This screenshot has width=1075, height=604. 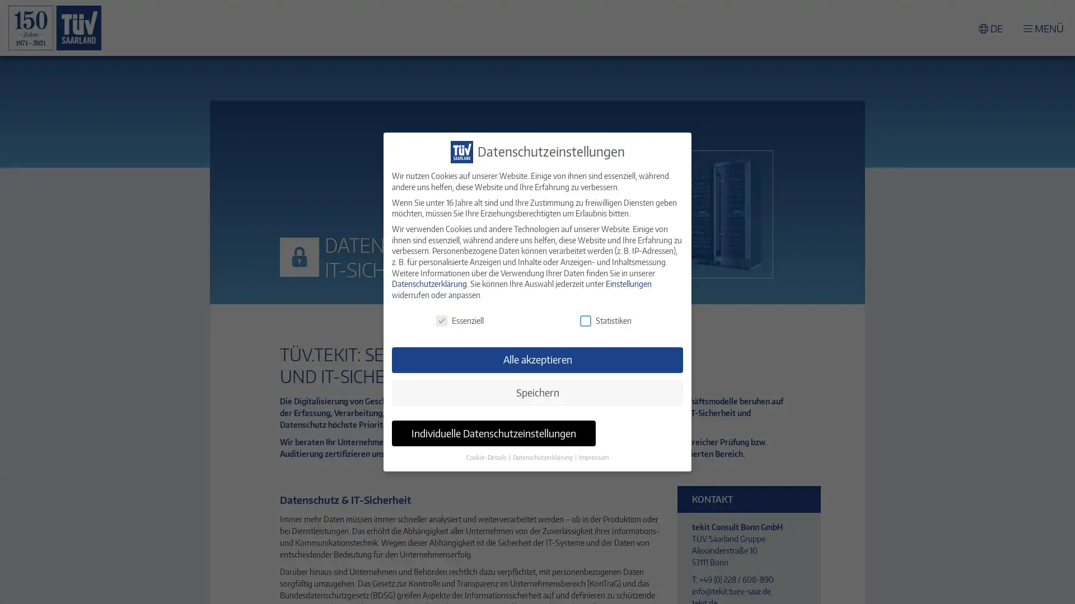 What do you see at coordinates (1042, 27) in the screenshot?
I see `MENU` at bounding box center [1042, 27].